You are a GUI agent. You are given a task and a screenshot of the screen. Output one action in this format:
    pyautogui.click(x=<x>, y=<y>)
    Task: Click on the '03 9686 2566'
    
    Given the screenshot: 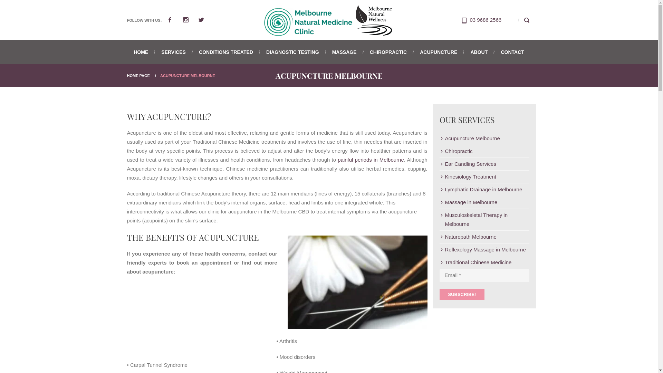 What is the action you would take?
    pyautogui.click(x=465, y=19)
    